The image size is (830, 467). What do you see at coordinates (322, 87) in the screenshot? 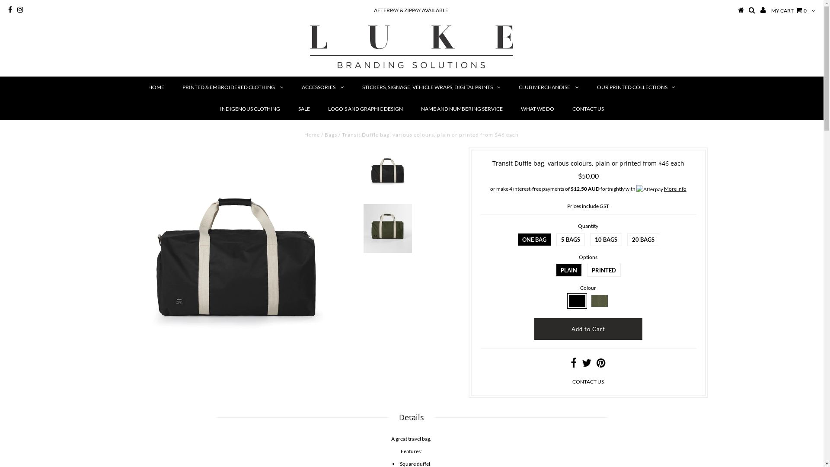
I see `'ACCESSORIES'` at bounding box center [322, 87].